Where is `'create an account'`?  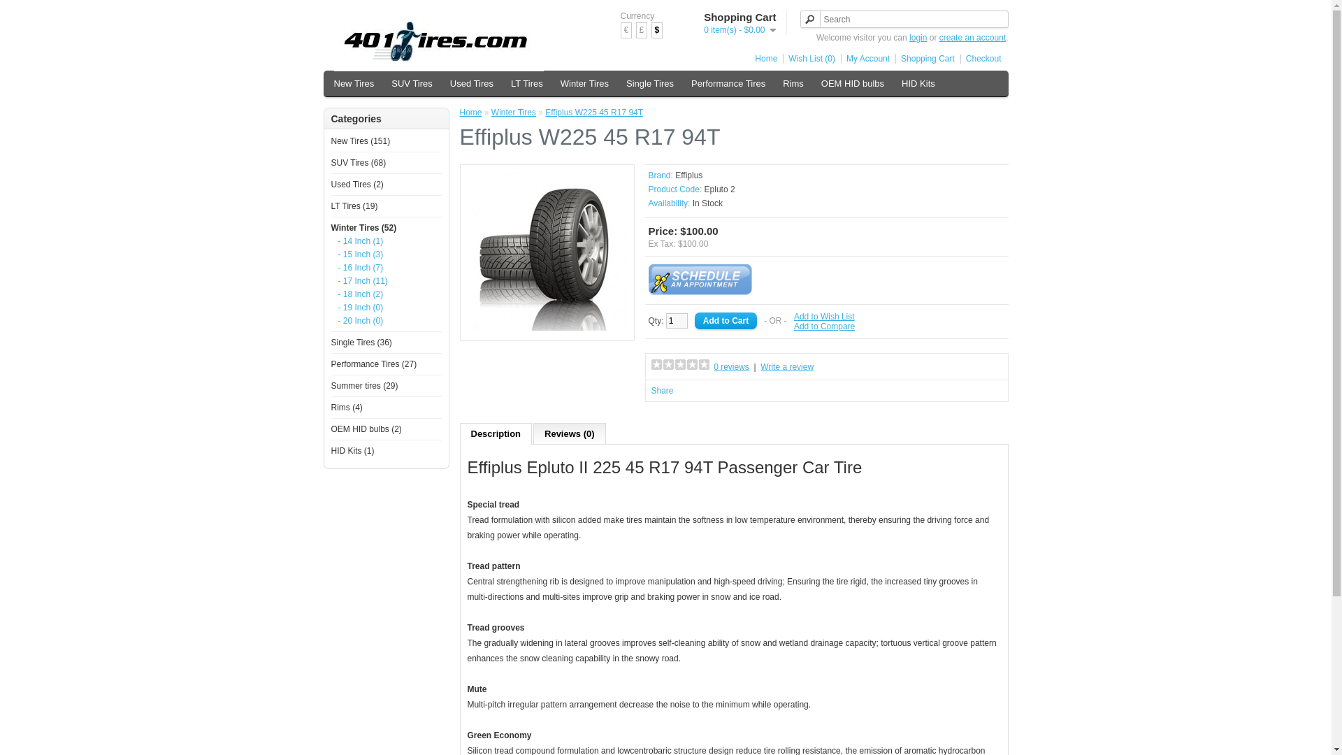 'create an account' is located at coordinates (972, 37).